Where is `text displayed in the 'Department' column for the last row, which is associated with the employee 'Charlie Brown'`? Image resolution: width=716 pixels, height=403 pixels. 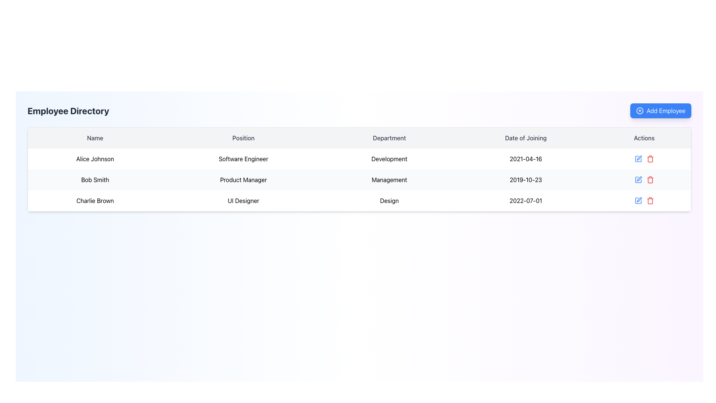 text displayed in the 'Department' column for the last row, which is associated with the employee 'Charlie Brown' is located at coordinates (389, 200).